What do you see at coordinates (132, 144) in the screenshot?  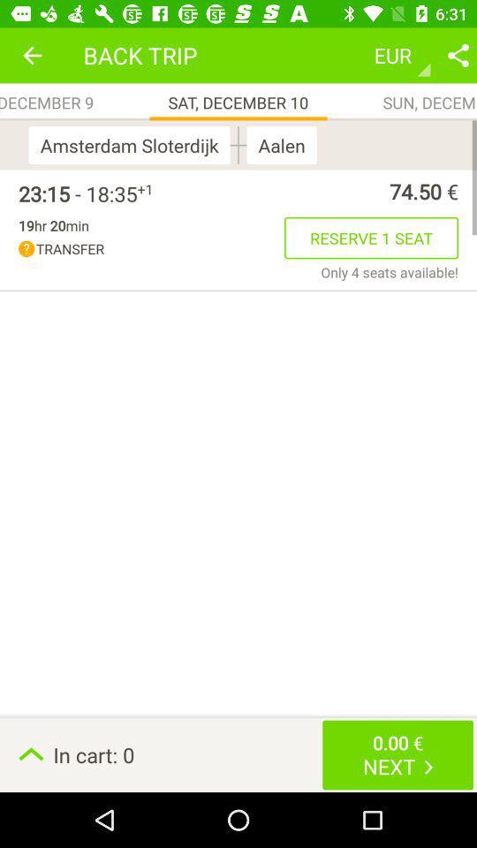 I see `the icon below fri, december 9 icon` at bounding box center [132, 144].